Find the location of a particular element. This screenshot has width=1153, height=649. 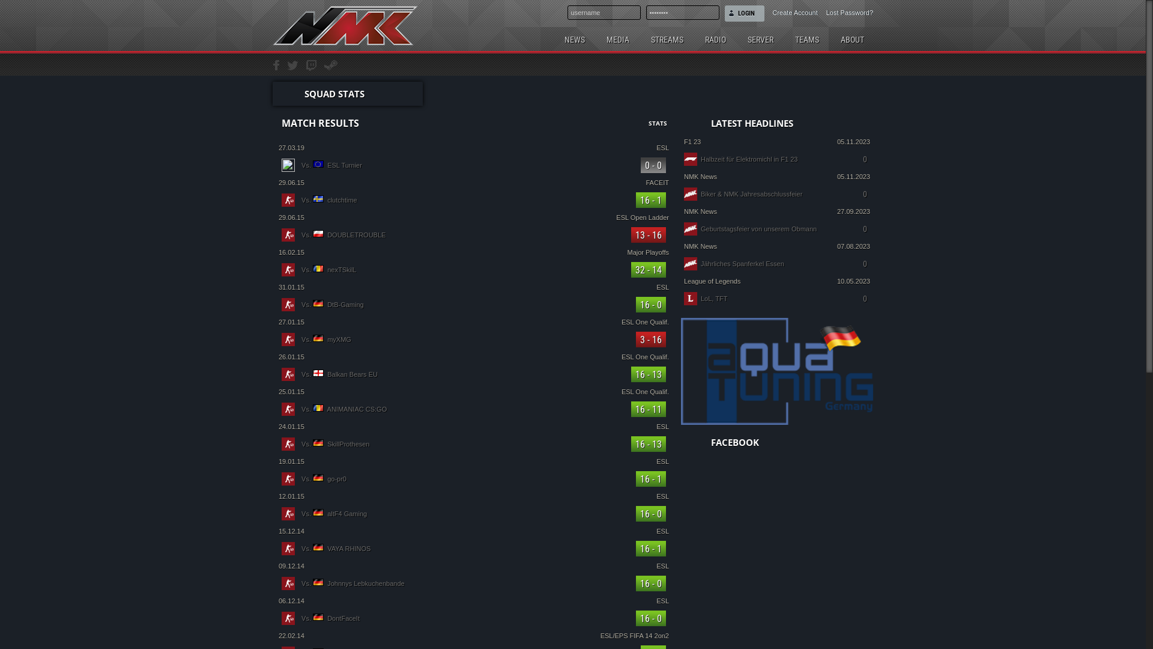

'  Vs.   DtB-Gaming is located at coordinates (473, 303).